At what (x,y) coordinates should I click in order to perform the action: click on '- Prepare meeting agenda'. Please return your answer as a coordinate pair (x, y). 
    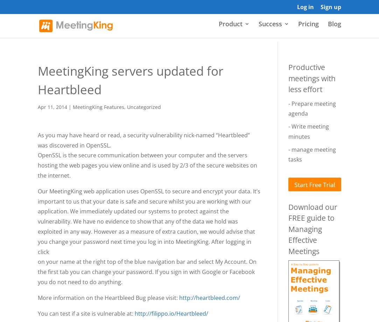
    Looking at the image, I should click on (311, 108).